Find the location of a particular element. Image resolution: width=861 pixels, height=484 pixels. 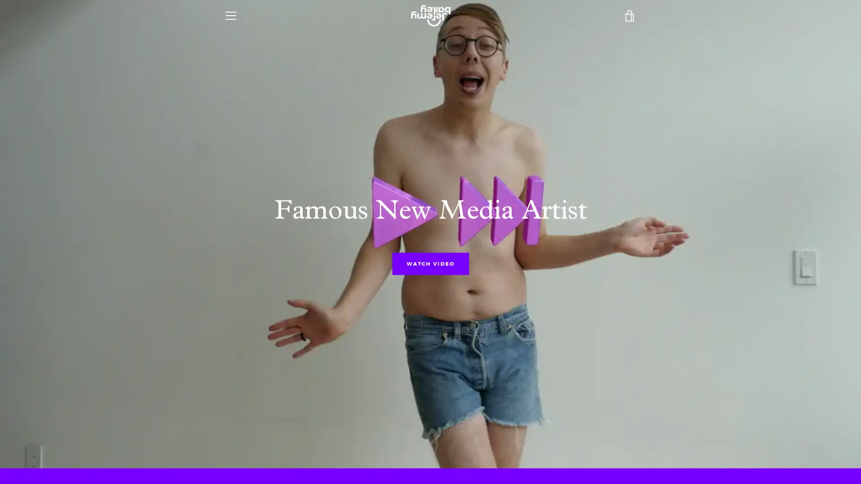

SEARCH AGAIN is located at coordinates (474, 431).